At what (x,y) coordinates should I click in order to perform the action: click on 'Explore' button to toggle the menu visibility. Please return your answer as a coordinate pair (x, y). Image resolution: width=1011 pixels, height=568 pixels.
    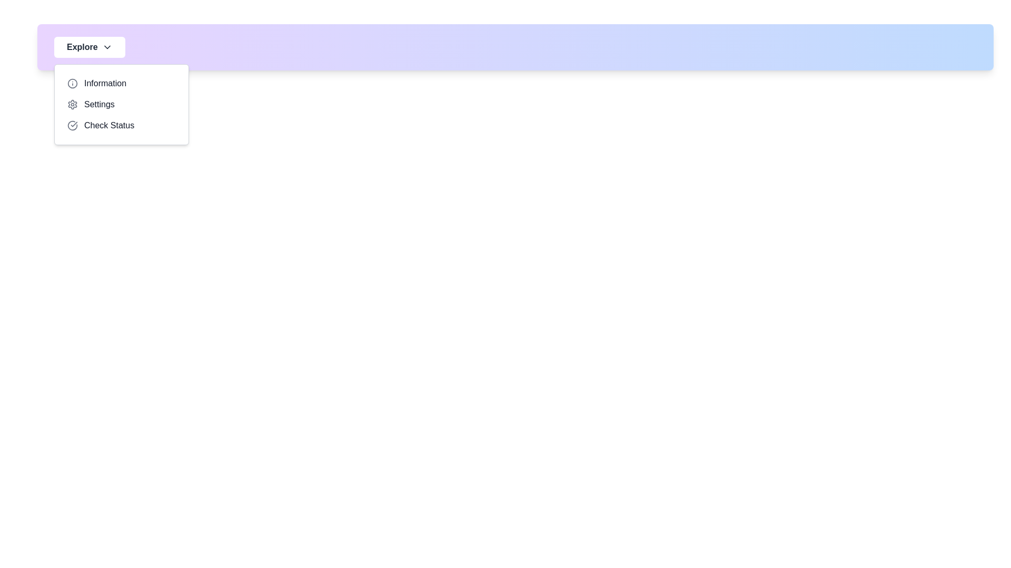
    Looking at the image, I should click on (89, 46).